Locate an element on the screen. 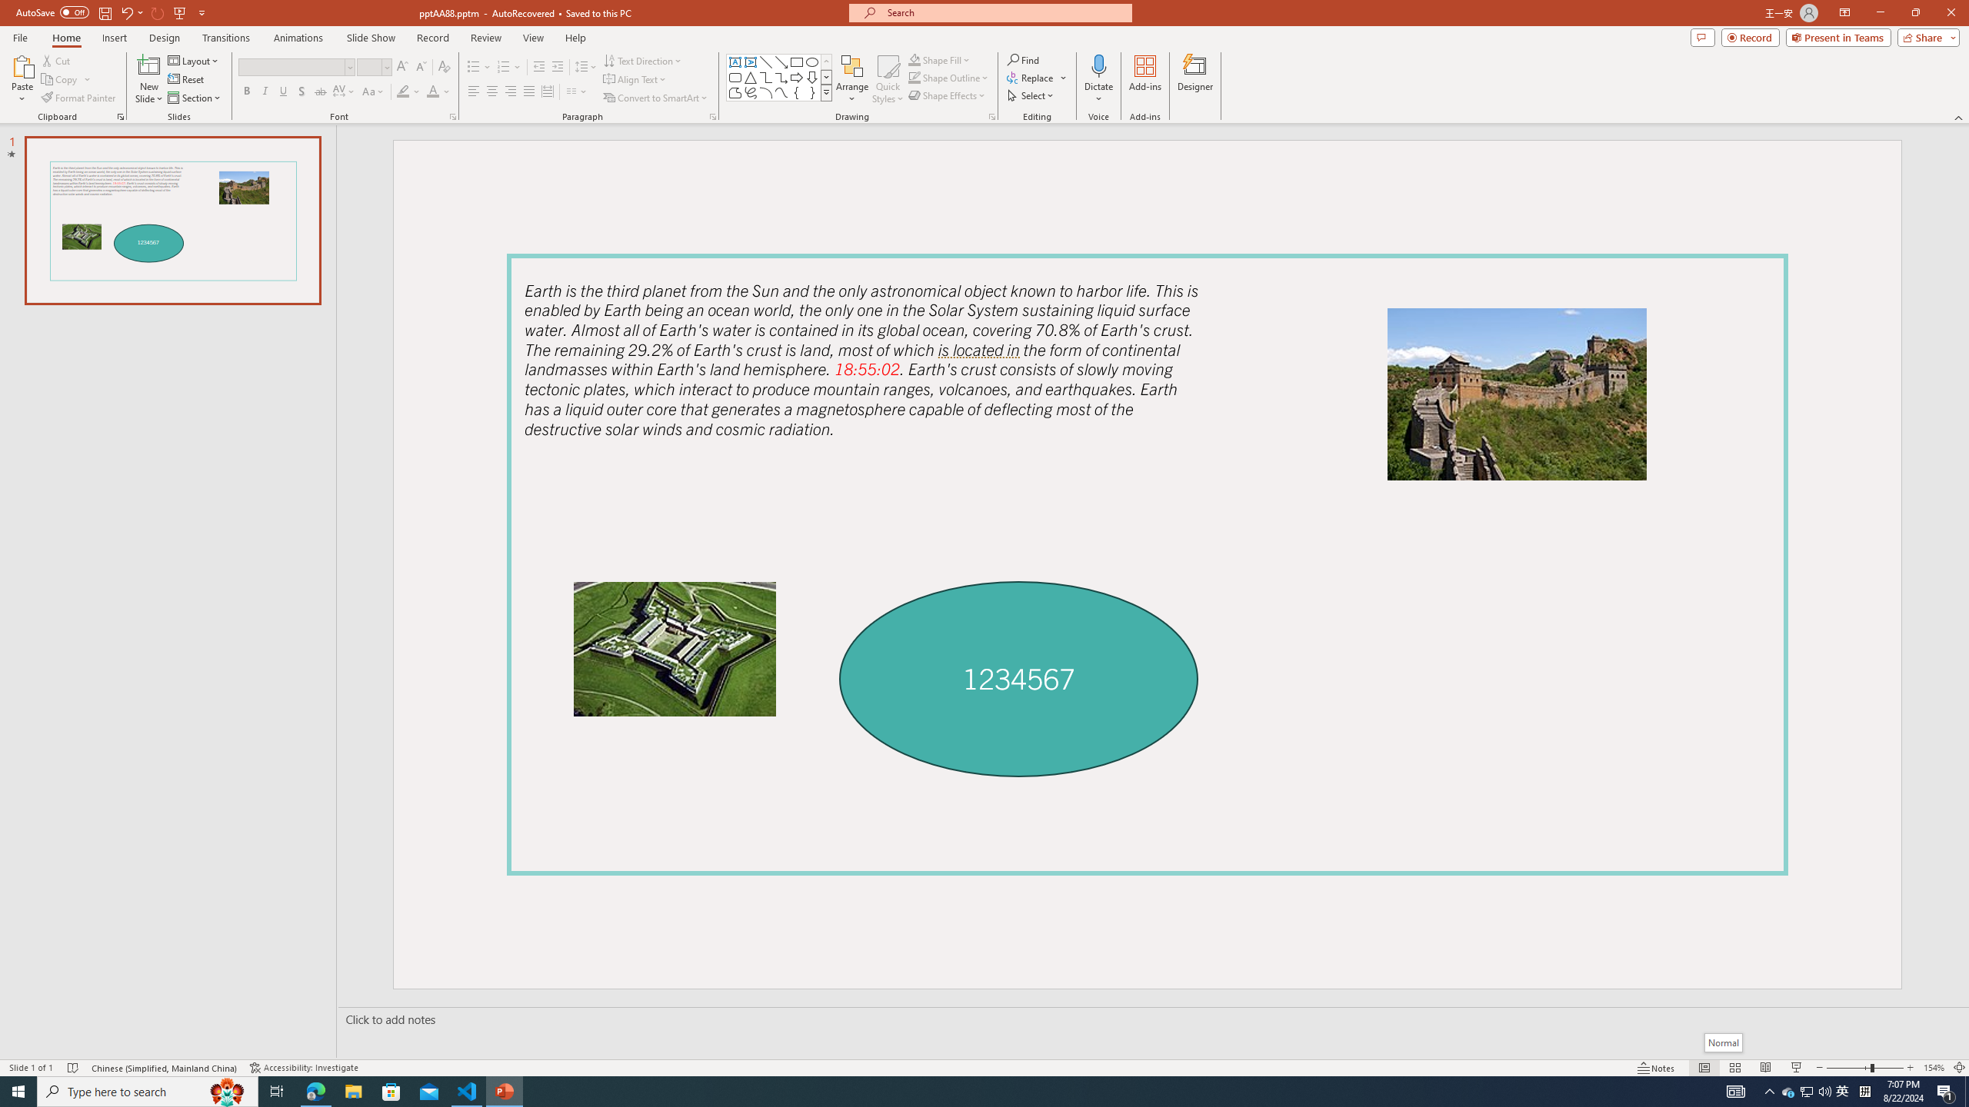  'Decrease Indent' is located at coordinates (539, 67).